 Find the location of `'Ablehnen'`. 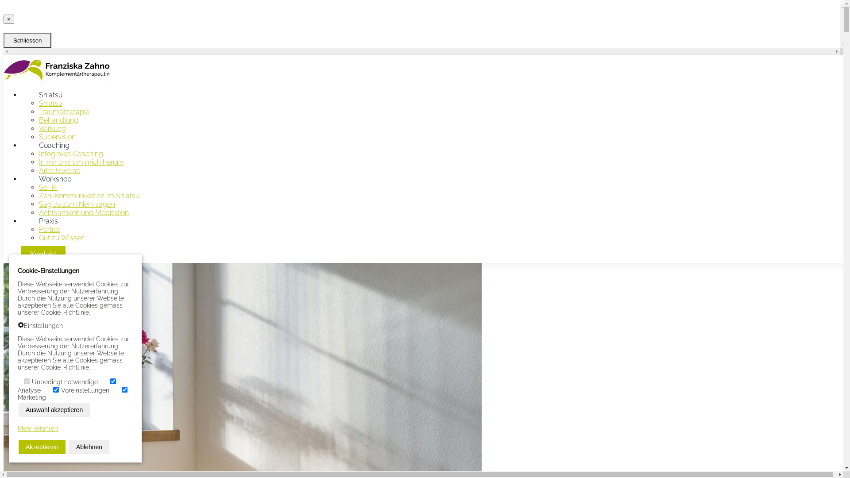

'Ablehnen' is located at coordinates (89, 447).